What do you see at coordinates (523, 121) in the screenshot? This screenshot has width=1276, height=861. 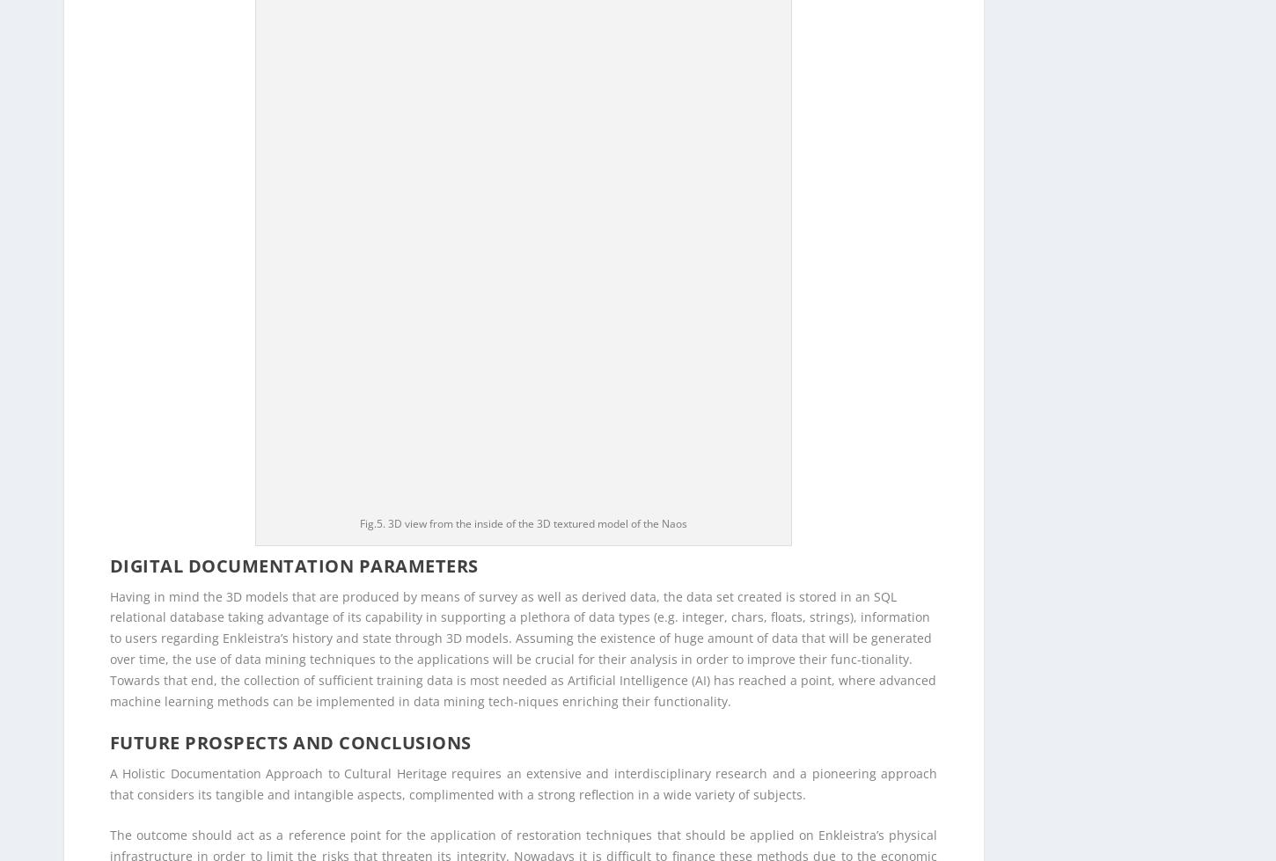 I see `'A Holistic Documentation Approach to Cultural Heritage requires an extensive and interdisciplinary research and a pioneering approach that considers its tangible and intangible aspects, complimented with a strong reflection in a wide variety of subjects.'` at bounding box center [523, 121].